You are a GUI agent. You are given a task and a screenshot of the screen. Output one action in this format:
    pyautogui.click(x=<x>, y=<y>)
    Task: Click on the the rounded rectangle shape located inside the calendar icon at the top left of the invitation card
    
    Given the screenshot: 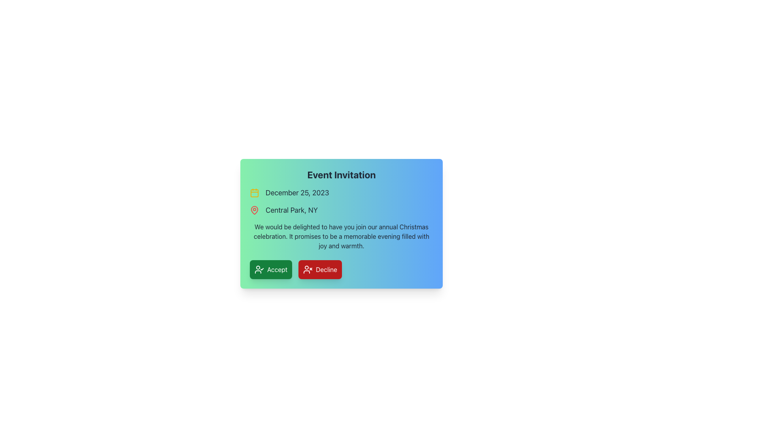 What is the action you would take?
    pyautogui.click(x=254, y=193)
    